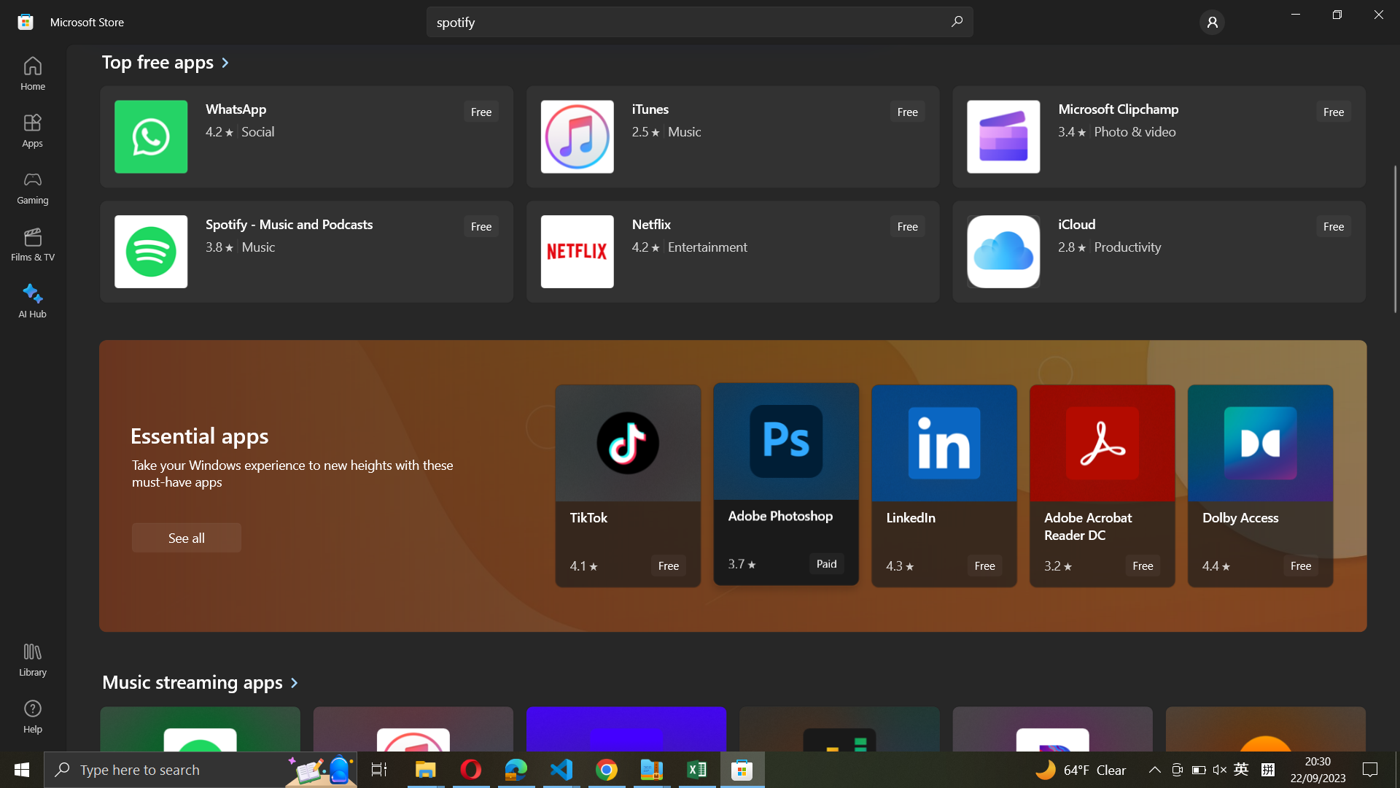  I want to click on Run LinkedIn application, so click(944, 487).